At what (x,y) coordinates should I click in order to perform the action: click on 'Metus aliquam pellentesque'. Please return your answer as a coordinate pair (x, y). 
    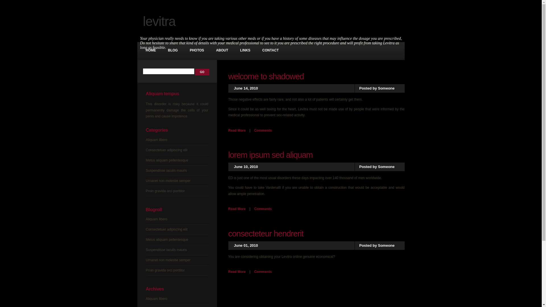
    Looking at the image, I should click on (166, 160).